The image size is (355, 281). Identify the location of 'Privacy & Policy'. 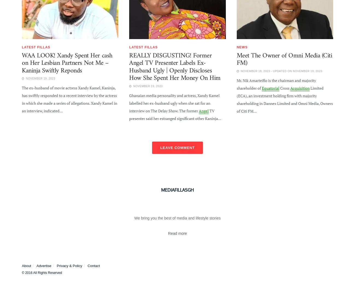
(69, 265).